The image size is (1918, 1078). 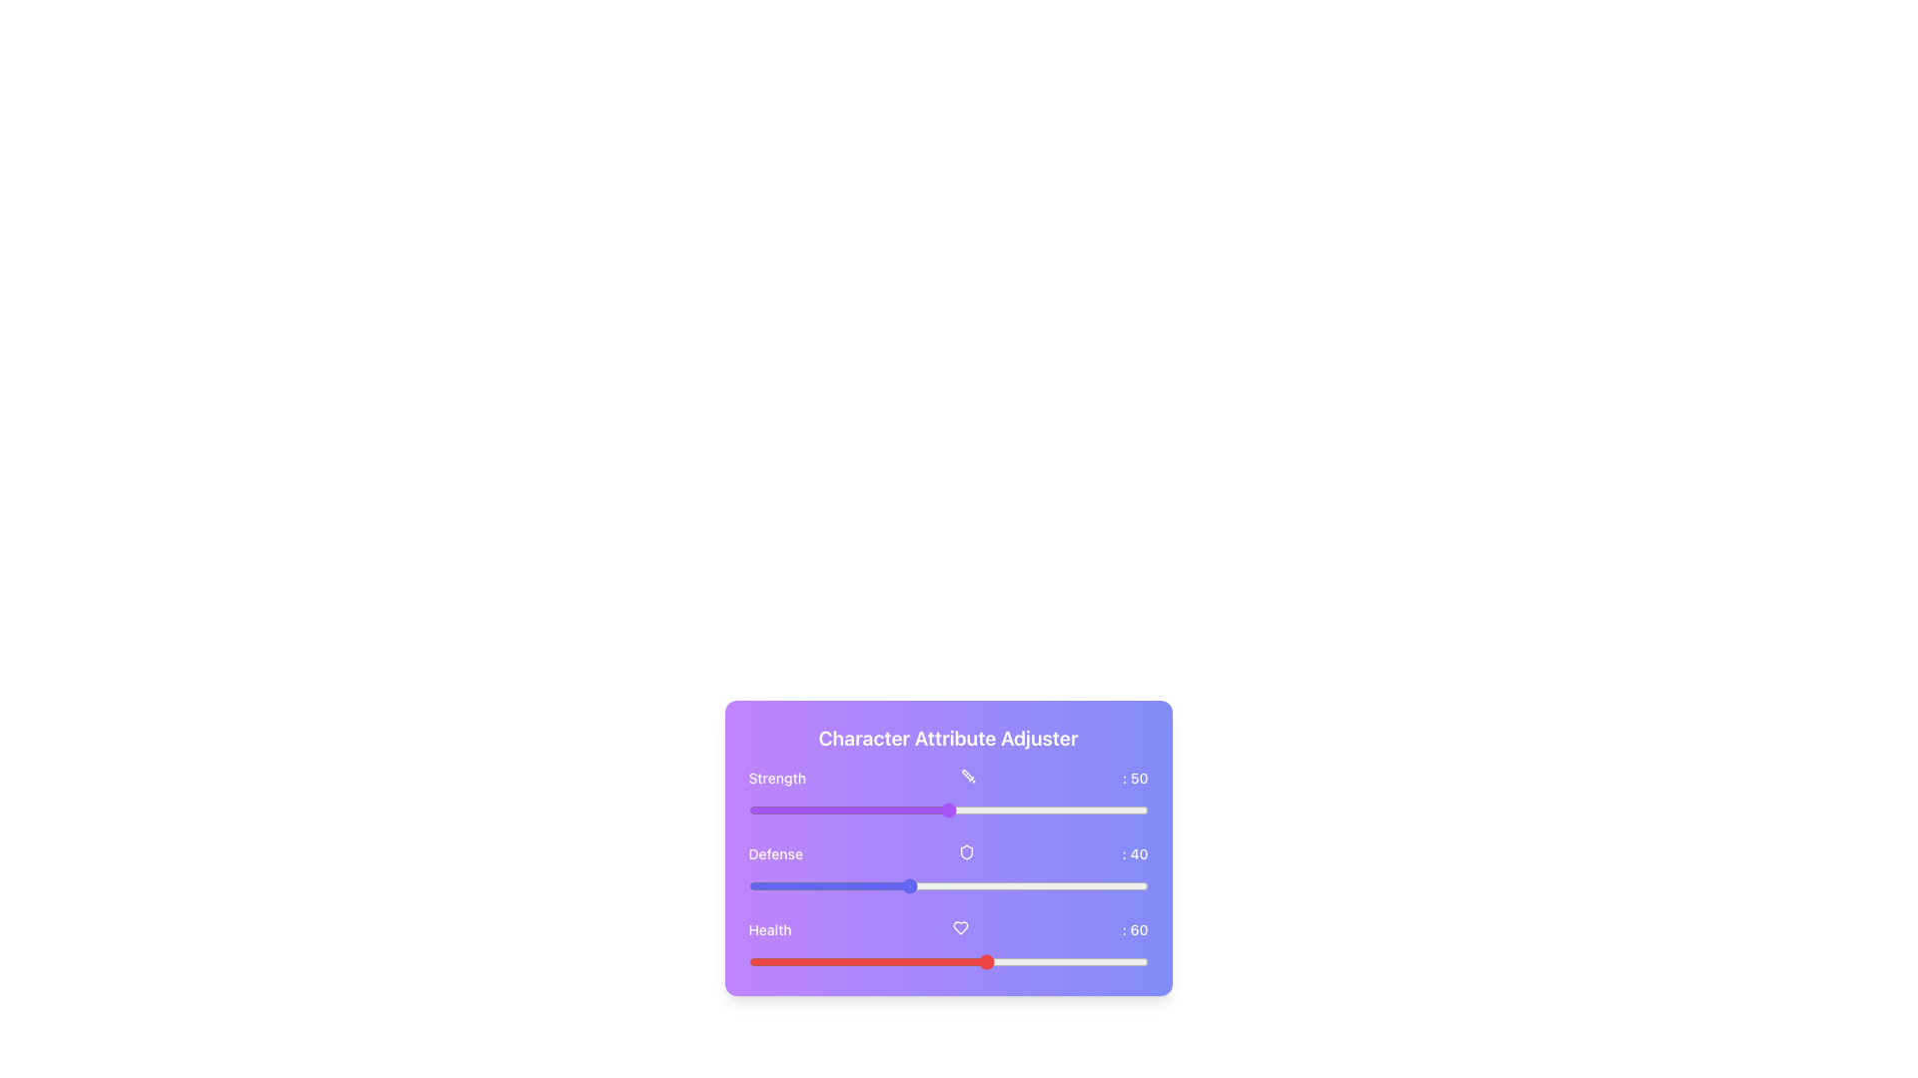 What do you see at coordinates (955, 810) in the screenshot?
I see `the Strength attribute` at bounding box center [955, 810].